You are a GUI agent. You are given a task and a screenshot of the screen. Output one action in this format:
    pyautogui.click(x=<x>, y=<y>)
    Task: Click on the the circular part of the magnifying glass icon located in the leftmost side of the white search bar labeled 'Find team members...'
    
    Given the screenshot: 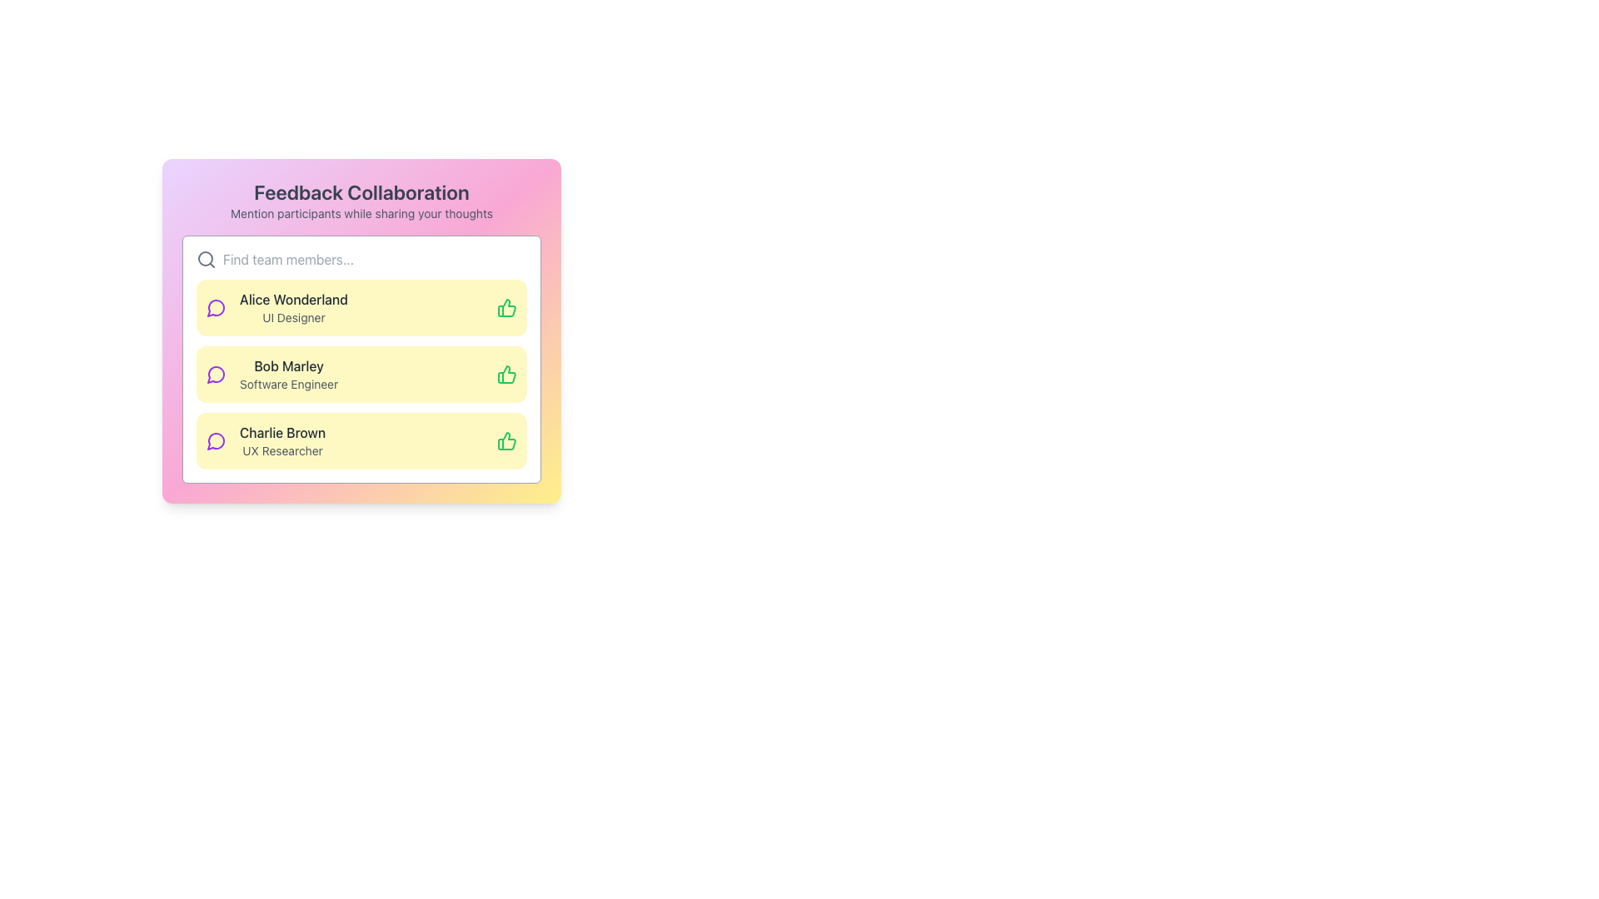 What is the action you would take?
    pyautogui.click(x=204, y=259)
    